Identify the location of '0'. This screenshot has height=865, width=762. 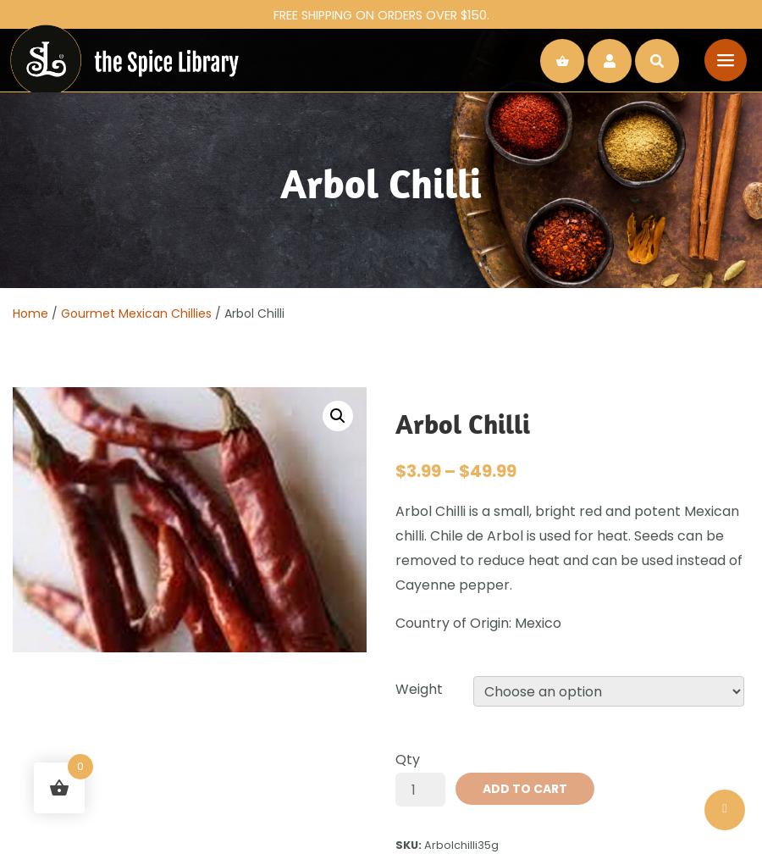
(80, 766).